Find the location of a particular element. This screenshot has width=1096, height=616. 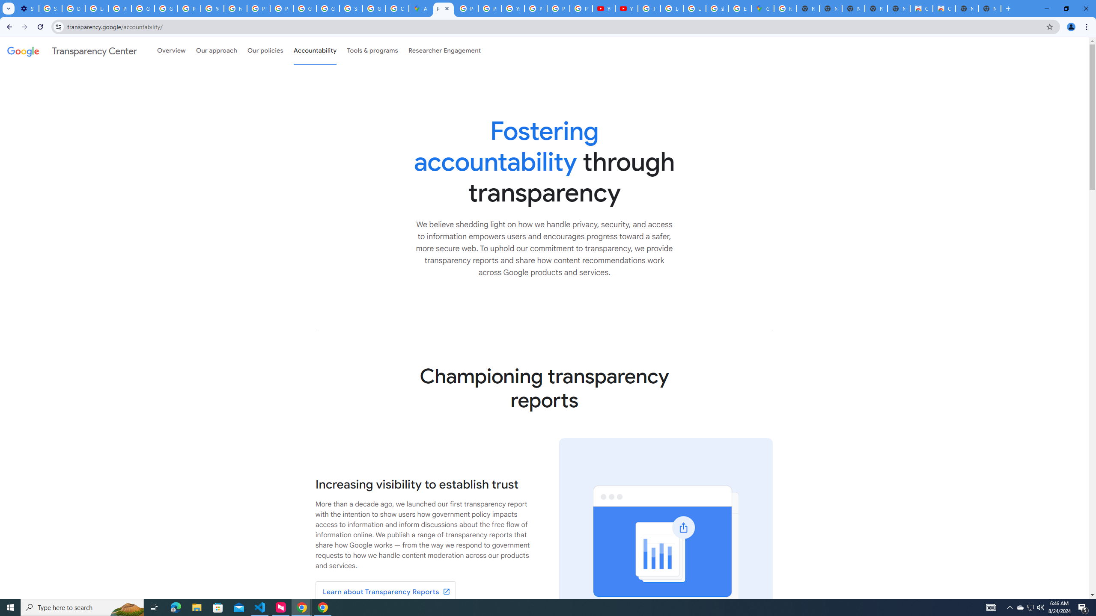

'Tips & tricks for Chrome - Google Chrome Help' is located at coordinates (649, 8).